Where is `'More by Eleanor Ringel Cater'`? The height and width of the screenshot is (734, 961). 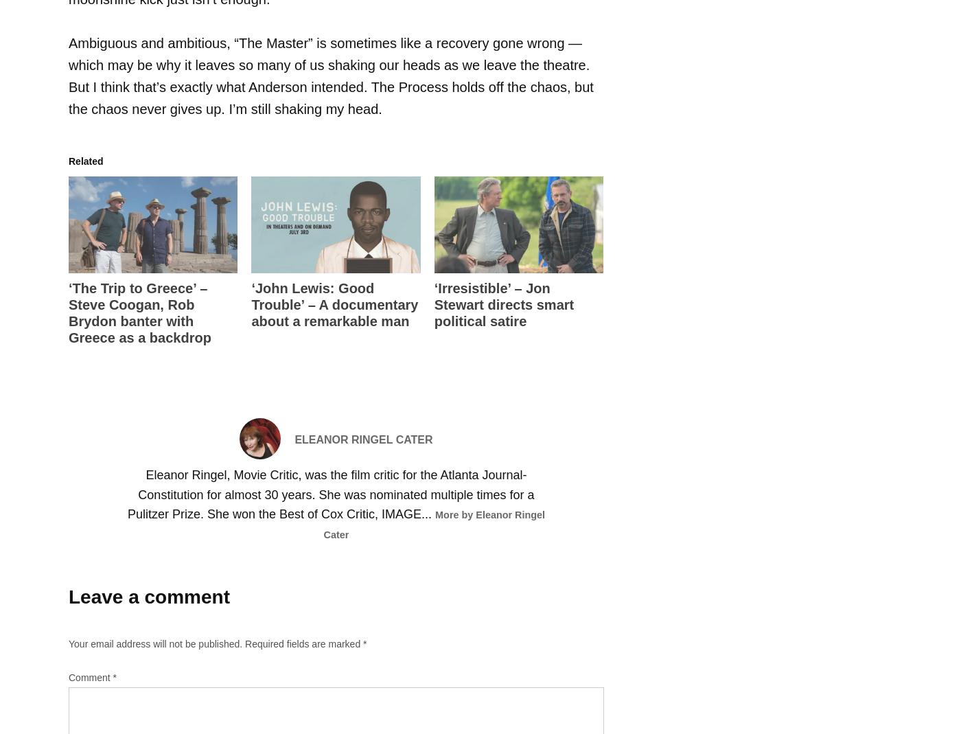
'More by Eleanor Ringel Cater' is located at coordinates (322, 525).